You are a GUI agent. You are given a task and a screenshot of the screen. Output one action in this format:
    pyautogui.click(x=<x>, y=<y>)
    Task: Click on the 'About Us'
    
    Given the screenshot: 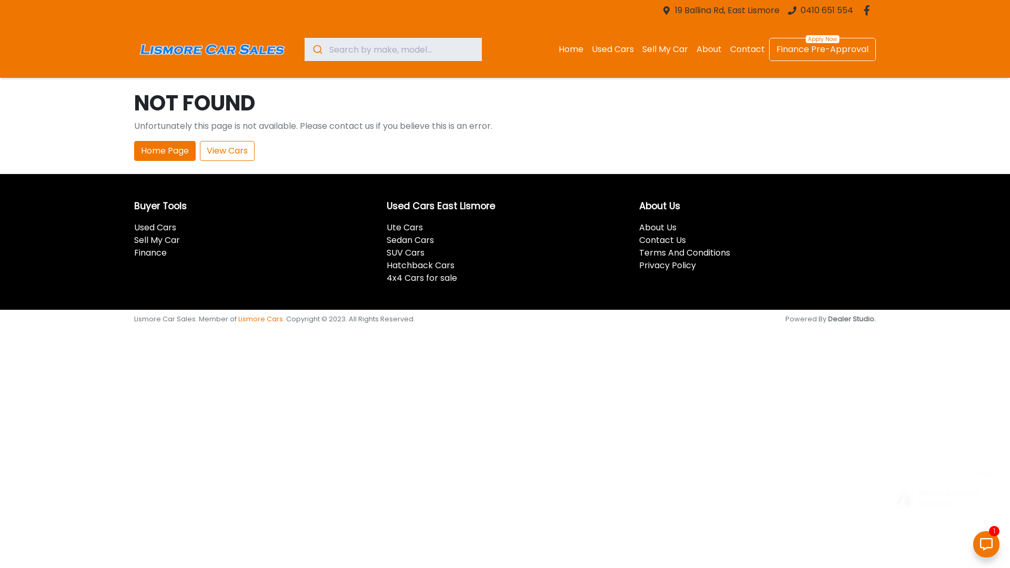 What is the action you would take?
    pyautogui.click(x=657, y=227)
    